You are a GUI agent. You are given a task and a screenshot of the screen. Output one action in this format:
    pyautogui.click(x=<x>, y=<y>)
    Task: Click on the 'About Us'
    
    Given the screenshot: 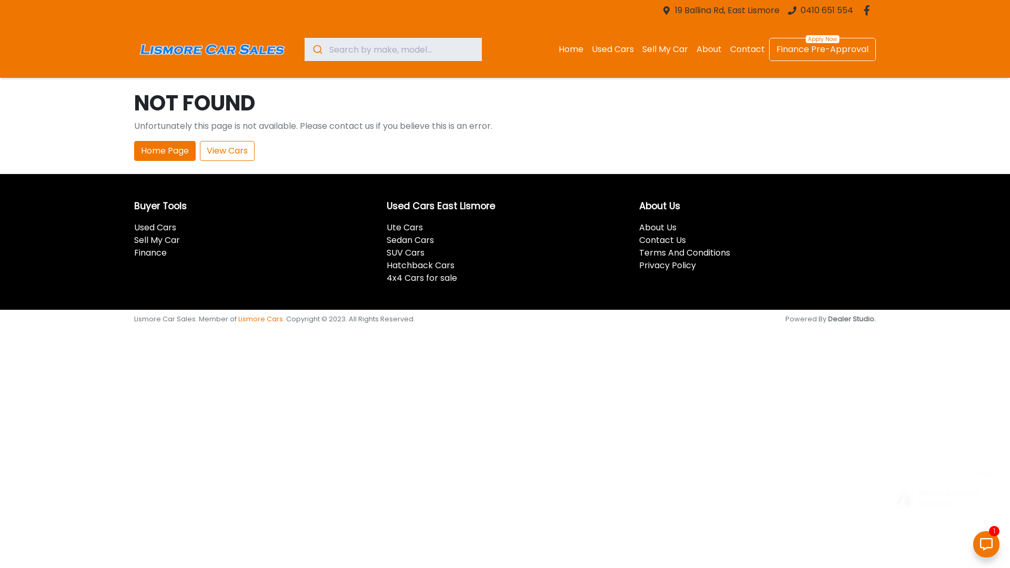 What is the action you would take?
    pyautogui.click(x=657, y=227)
    